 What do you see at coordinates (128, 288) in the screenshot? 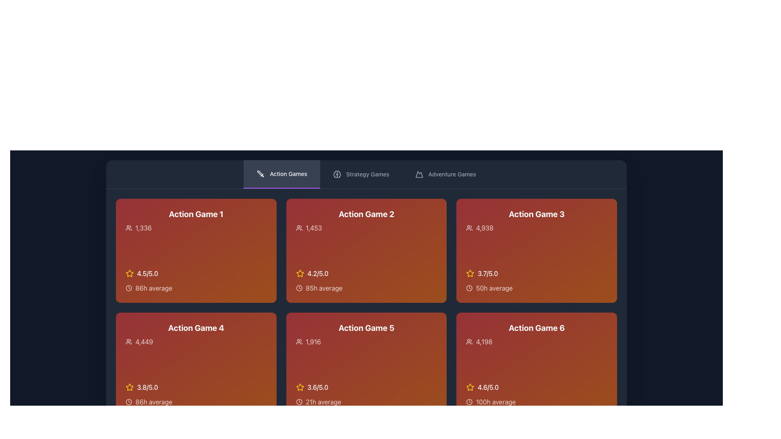
I see `the clock-shaped icon located to the left of the text '86h average' by moving the cursor to its center point` at bounding box center [128, 288].